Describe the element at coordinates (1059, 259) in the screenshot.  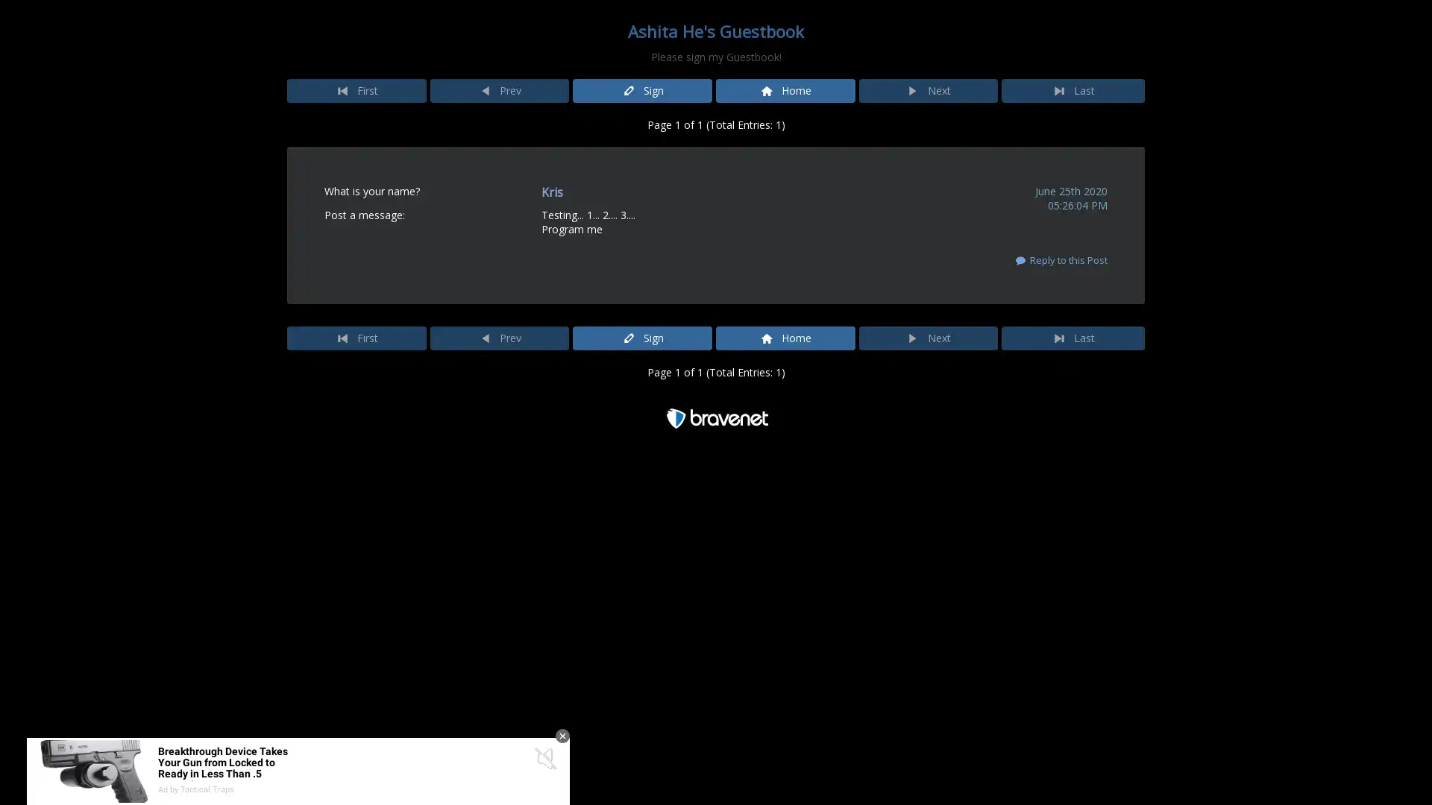
I see `Reply to this Post` at that location.